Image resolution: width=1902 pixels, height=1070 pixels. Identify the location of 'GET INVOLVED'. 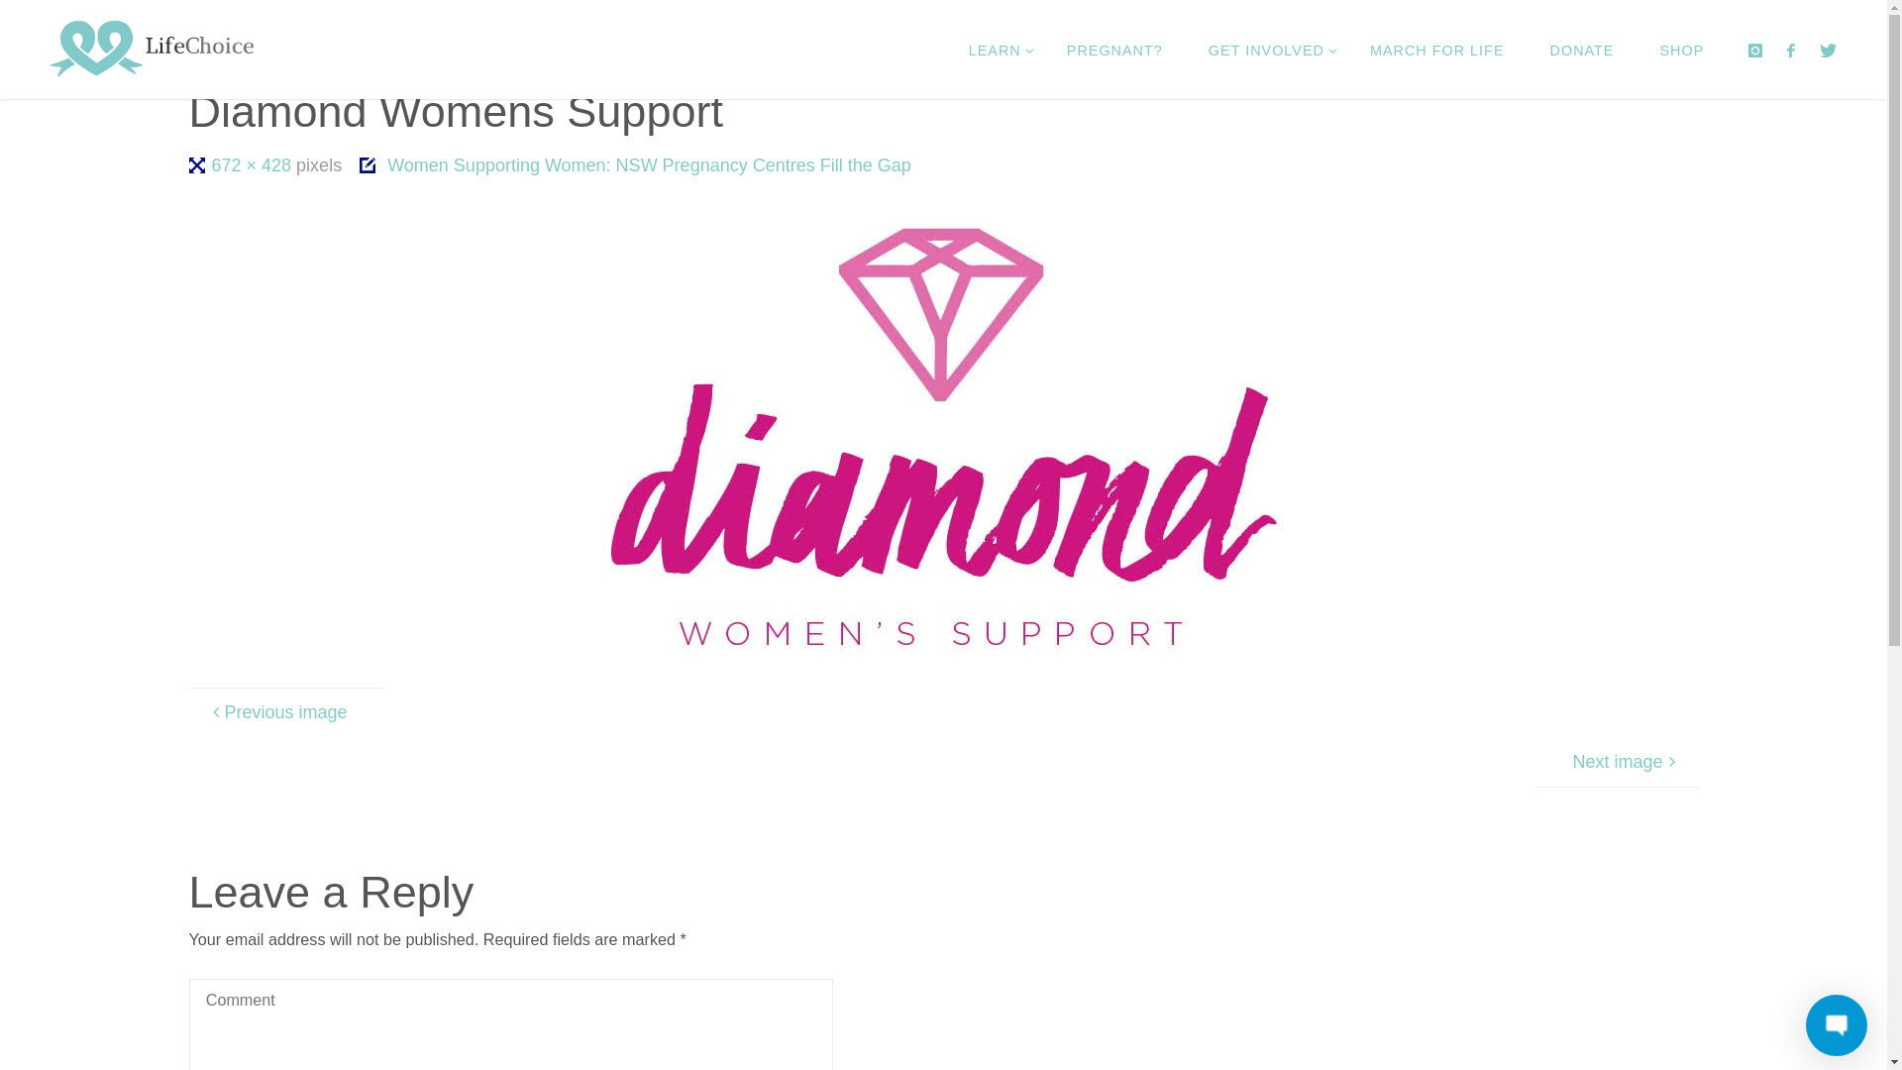
(1265, 49).